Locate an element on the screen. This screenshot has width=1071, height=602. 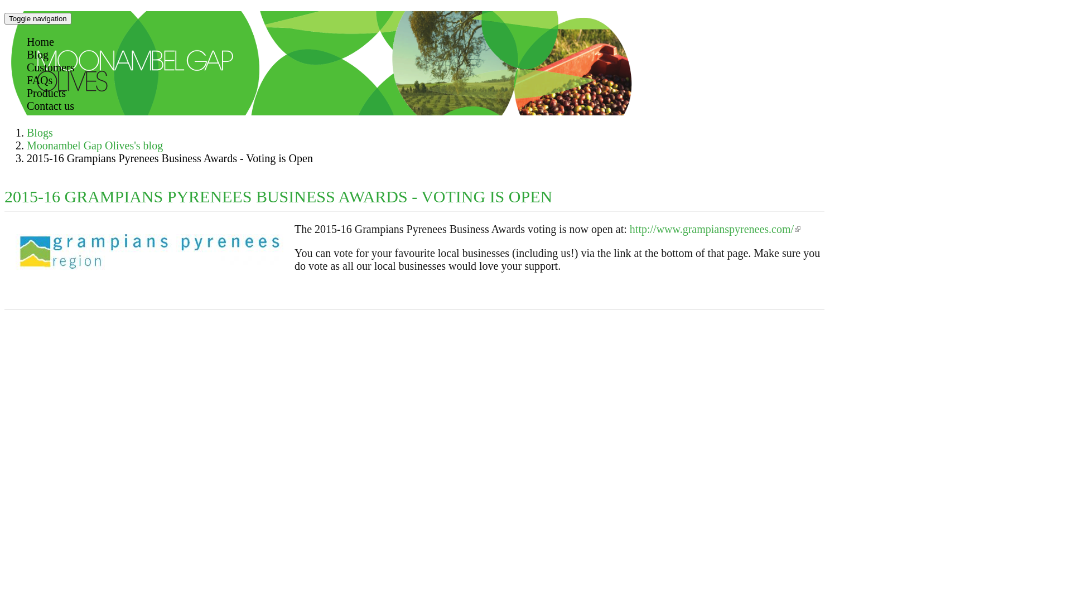
'Moonambel Gap Olives's blog' is located at coordinates (94, 145).